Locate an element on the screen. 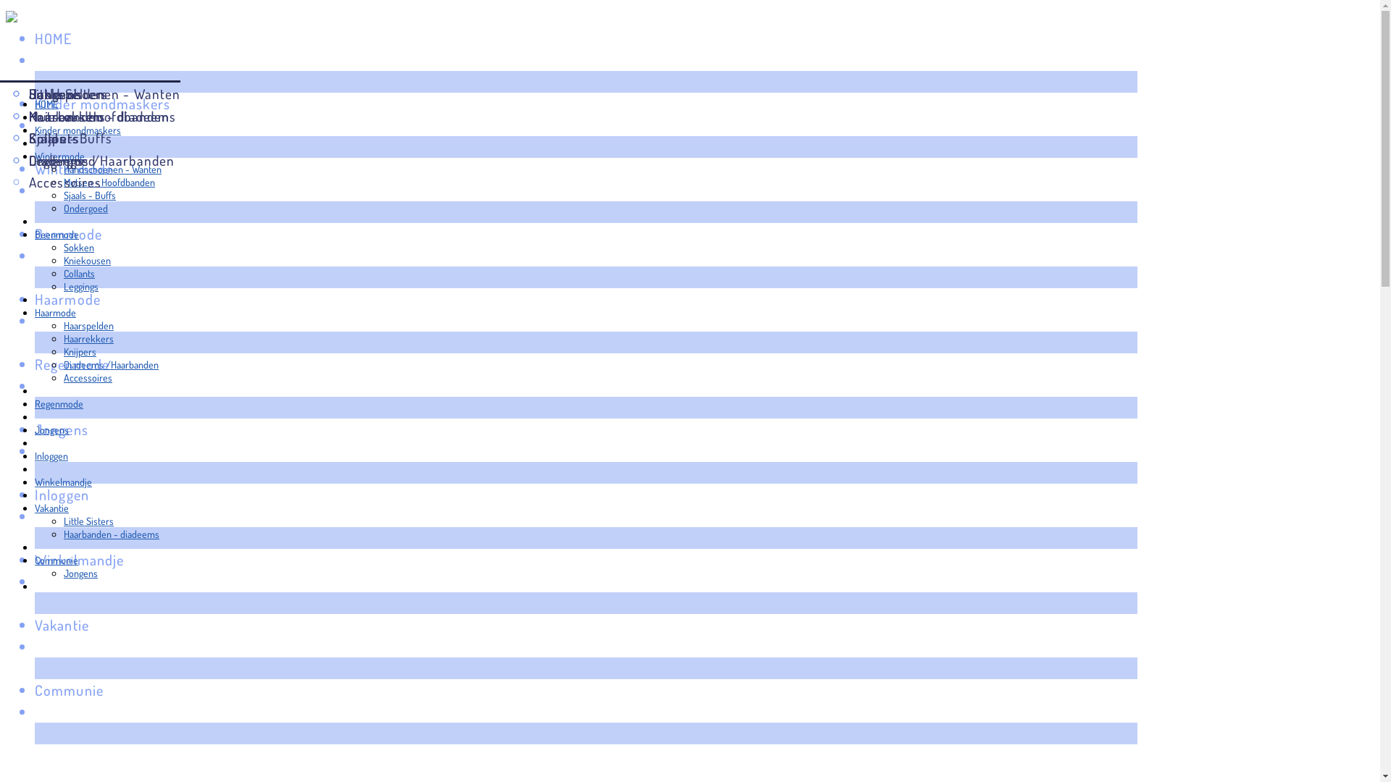 This screenshot has height=782, width=1391. 'Accessoires' is located at coordinates (87, 377).